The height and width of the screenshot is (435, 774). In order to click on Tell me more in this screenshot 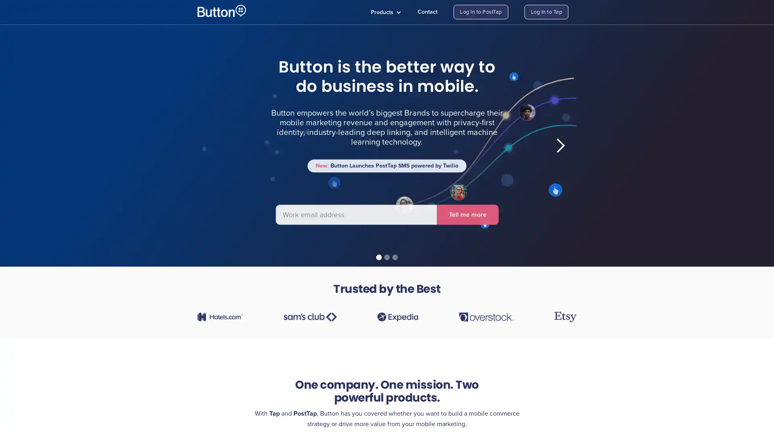, I will do `click(467, 211)`.